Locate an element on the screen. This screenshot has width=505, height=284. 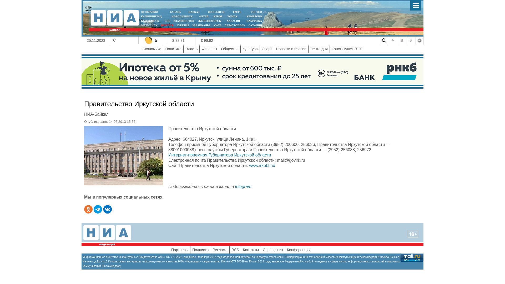
'Telegram' is located at coordinates (419, 40).